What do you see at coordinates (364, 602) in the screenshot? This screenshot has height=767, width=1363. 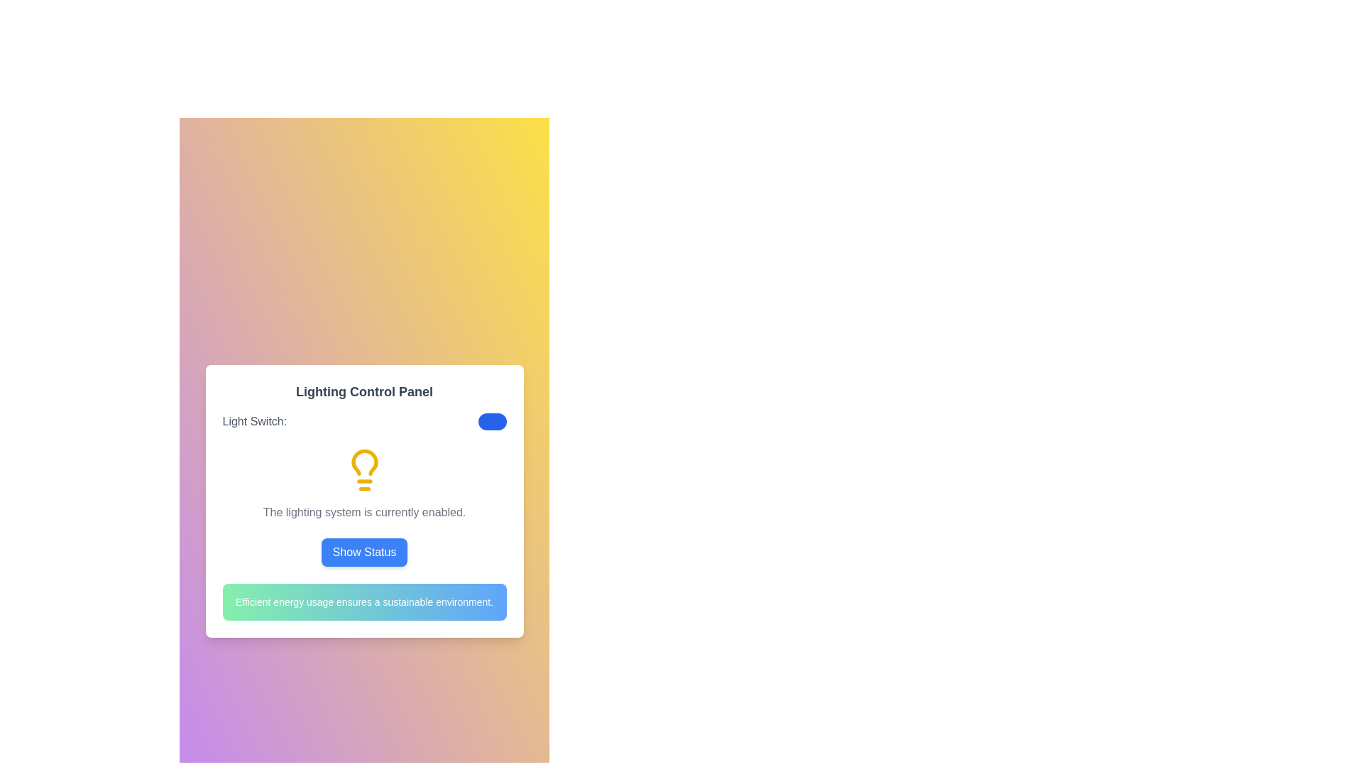 I see `the informational text box with a gradient background that reads 'Efficient energy usage ensures a sustainable environment.'` at bounding box center [364, 602].